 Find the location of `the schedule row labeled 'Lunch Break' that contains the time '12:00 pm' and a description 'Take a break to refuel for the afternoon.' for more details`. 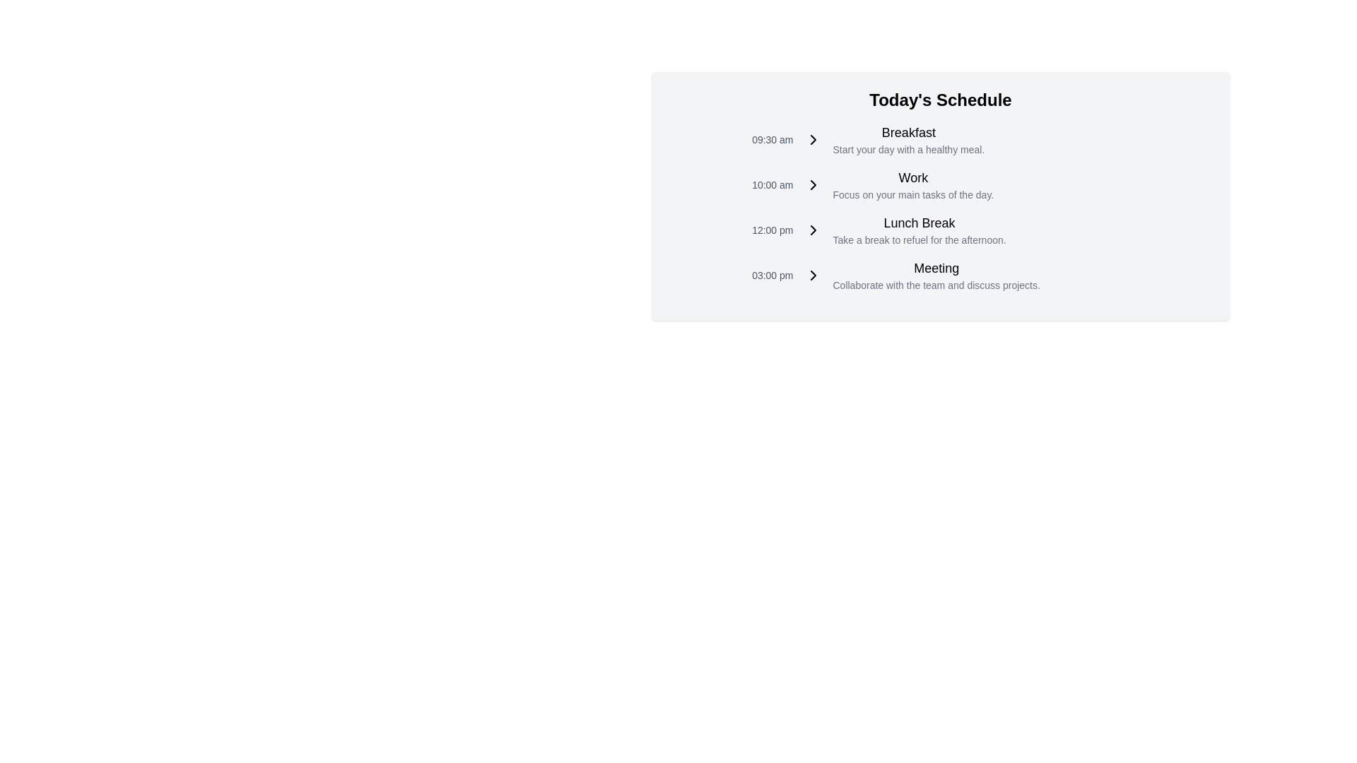

the schedule row labeled 'Lunch Break' that contains the time '12:00 pm' and a description 'Take a break to refuel for the afternoon.' for more details is located at coordinates (940, 230).